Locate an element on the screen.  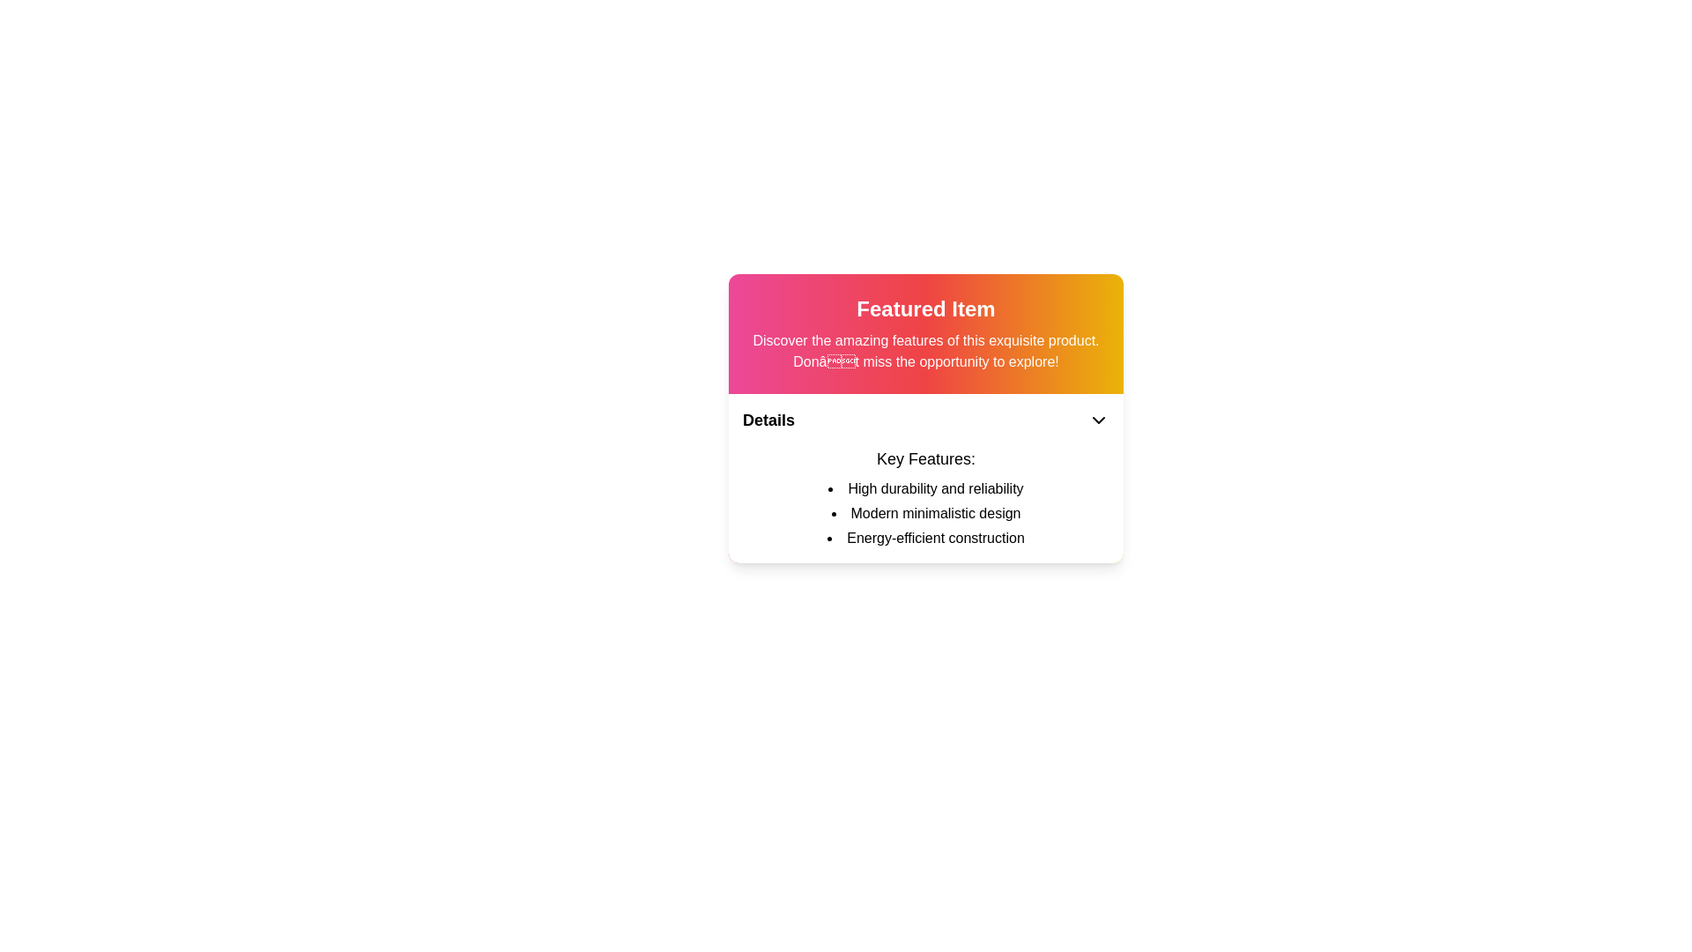
the text label 'Key Features:' which is located at the top of the 'Details' section in a card-like component is located at coordinates (925, 457).